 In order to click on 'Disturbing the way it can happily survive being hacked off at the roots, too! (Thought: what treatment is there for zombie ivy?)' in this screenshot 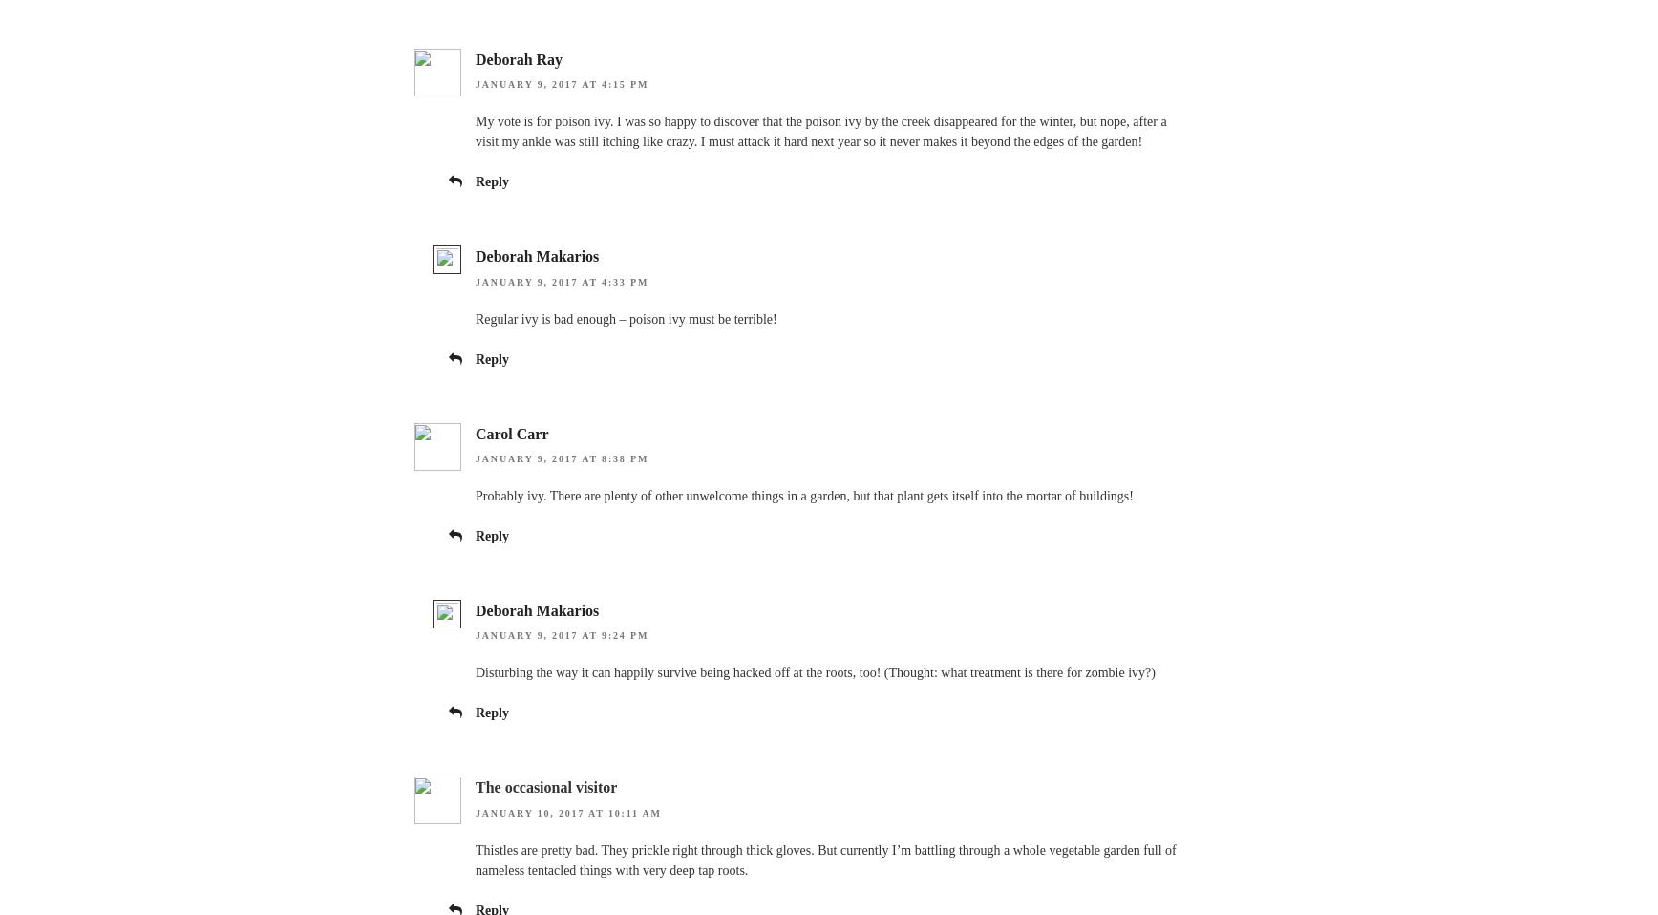, I will do `click(815, 671)`.